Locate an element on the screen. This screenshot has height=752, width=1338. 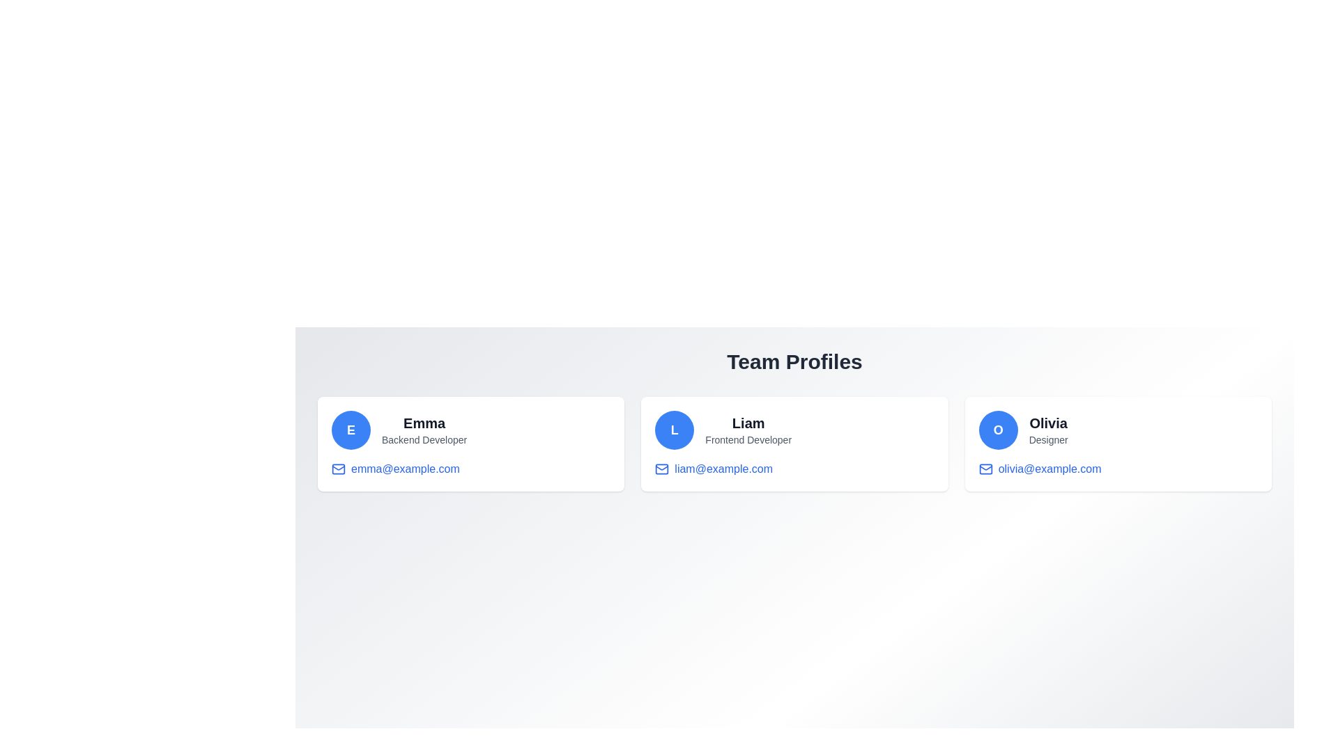
email envelope icon located in the second user card under the profile information for 'Liam' is located at coordinates (661, 469).